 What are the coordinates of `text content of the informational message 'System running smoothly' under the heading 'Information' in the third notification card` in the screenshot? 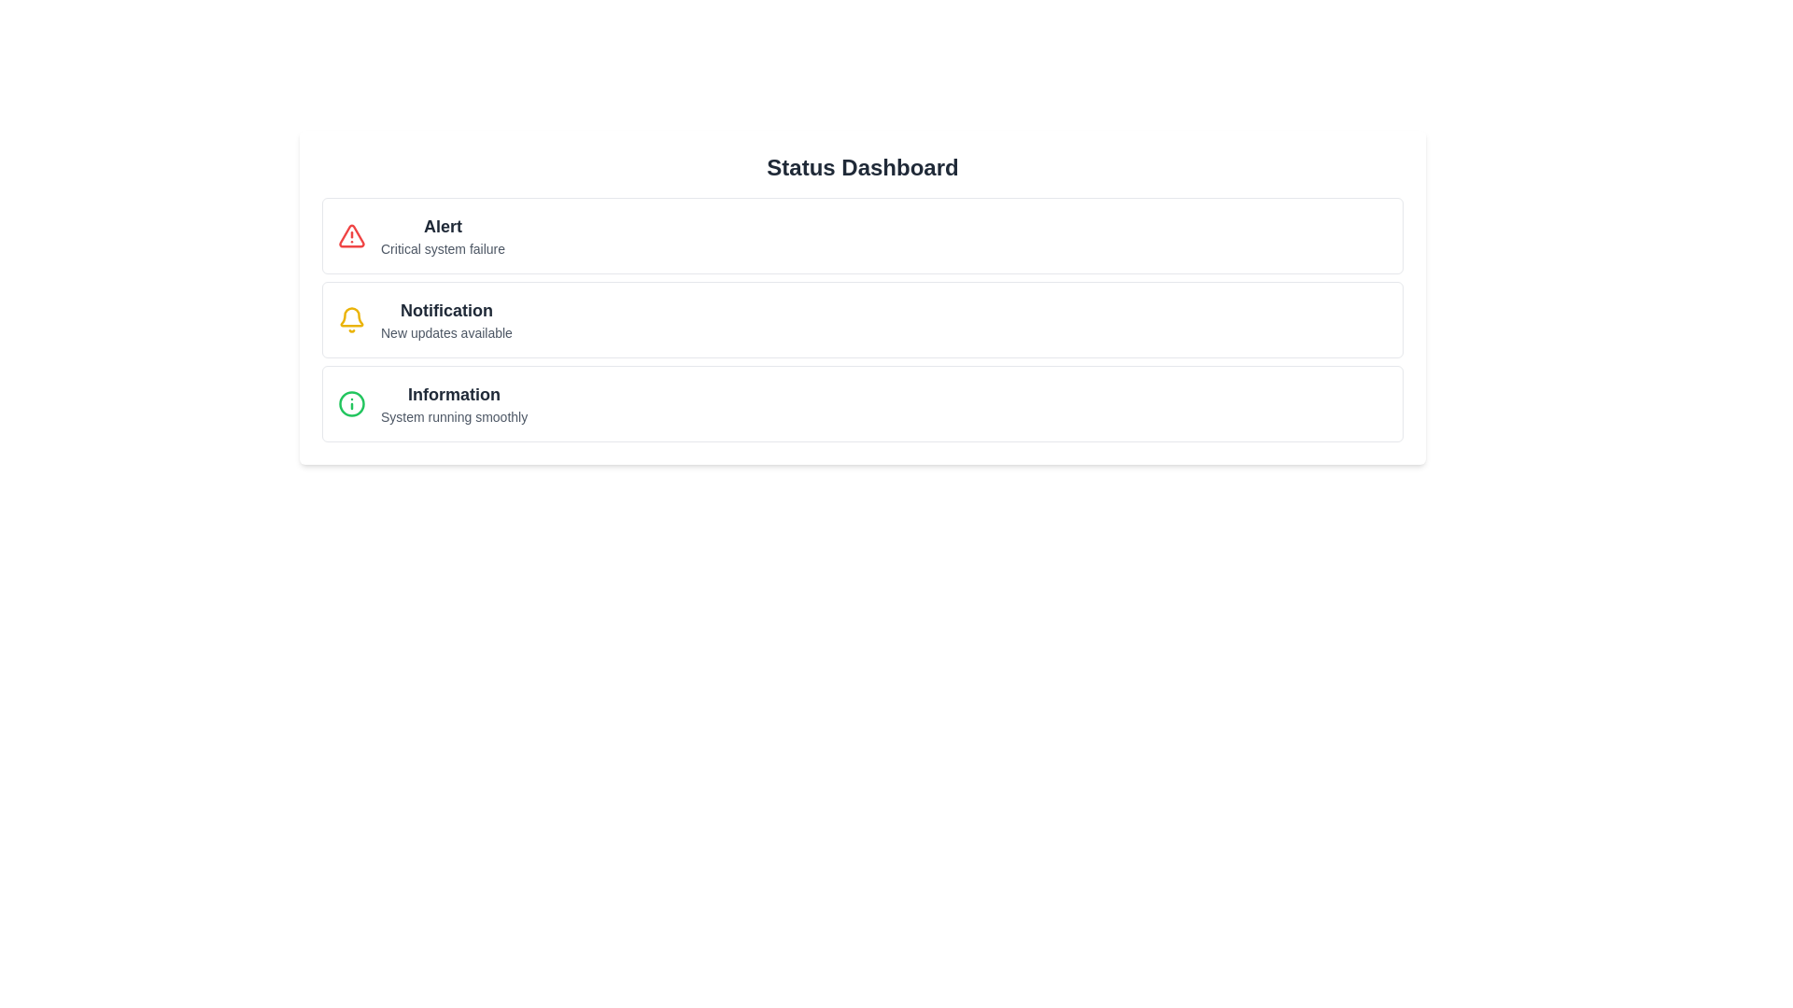 It's located at (454, 402).